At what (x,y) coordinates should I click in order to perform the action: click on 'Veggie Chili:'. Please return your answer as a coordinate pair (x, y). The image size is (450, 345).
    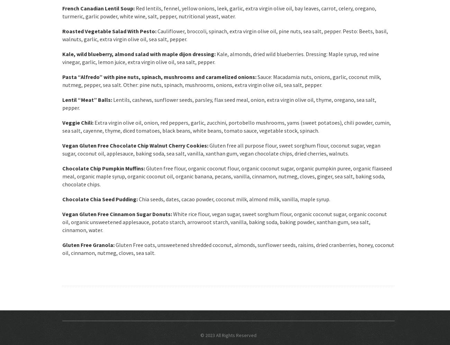
    Looking at the image, I should click on (78, 122).